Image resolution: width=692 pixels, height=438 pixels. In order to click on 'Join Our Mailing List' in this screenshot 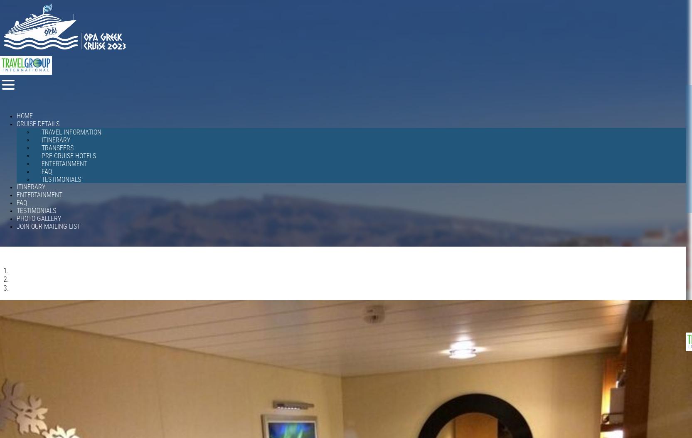, I will do `click(48, 226)`.